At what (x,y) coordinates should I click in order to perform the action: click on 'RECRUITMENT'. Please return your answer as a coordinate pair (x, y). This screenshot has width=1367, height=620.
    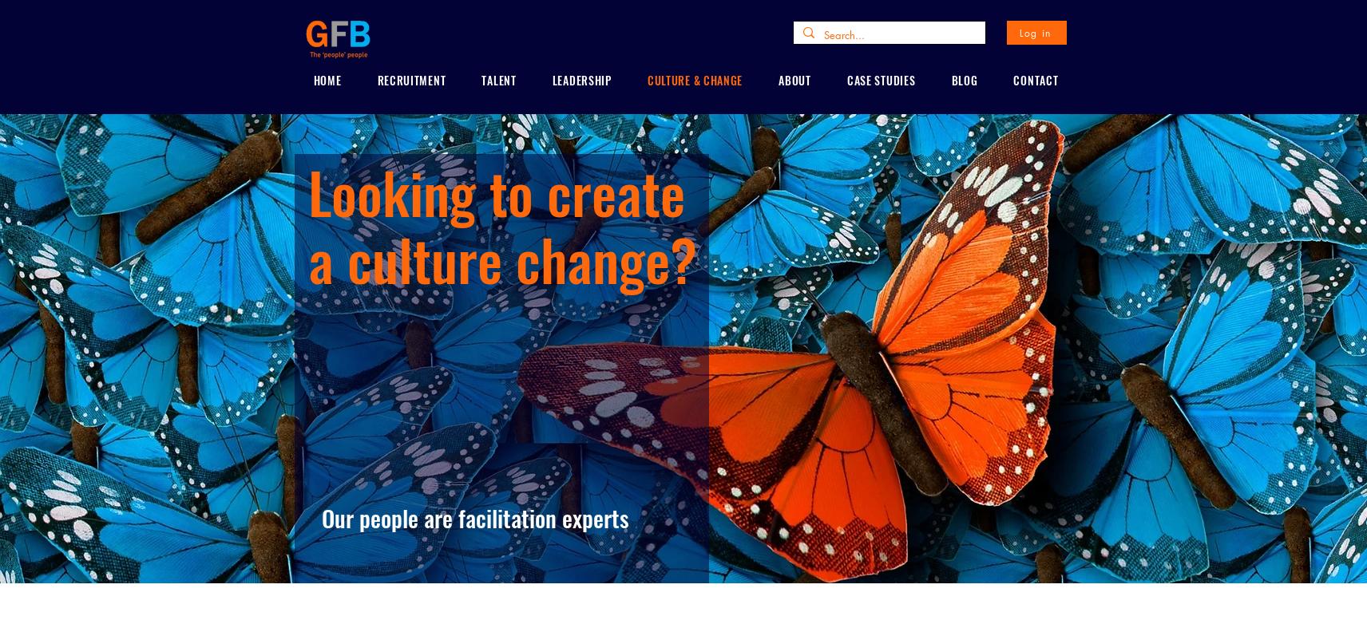
    Looking at the image, I should click on (410, 79).